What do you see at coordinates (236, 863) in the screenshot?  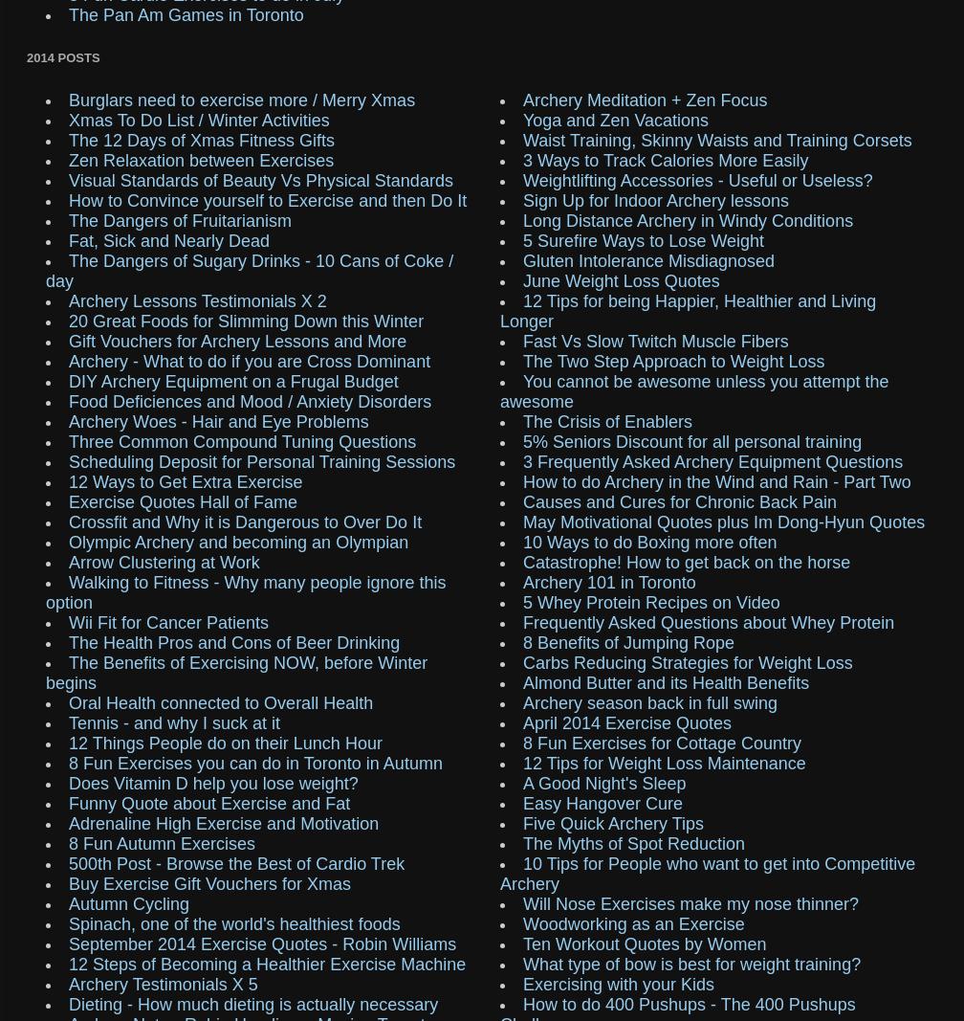 I see `'500th Post - Browse the Best of Cardio Trek'` at bounding box center [236, 863].